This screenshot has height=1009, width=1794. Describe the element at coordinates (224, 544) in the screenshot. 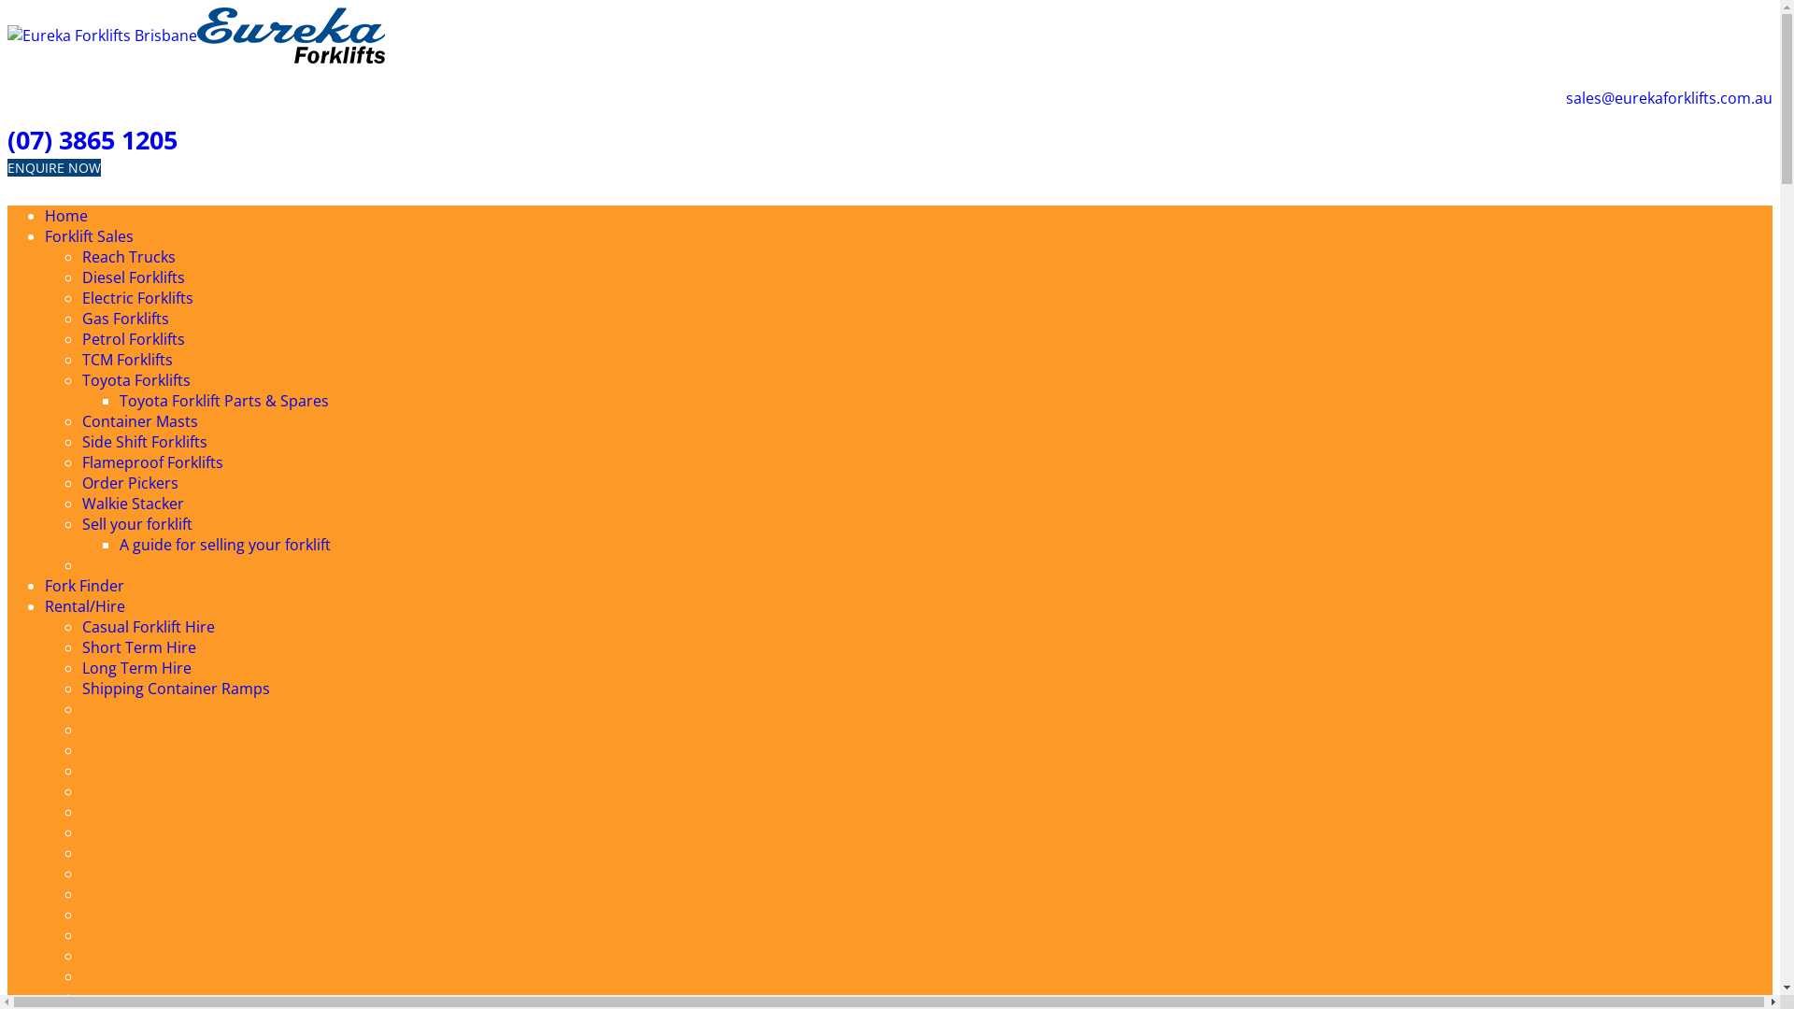

I see `'A guide for selling your forklift'` at that location.